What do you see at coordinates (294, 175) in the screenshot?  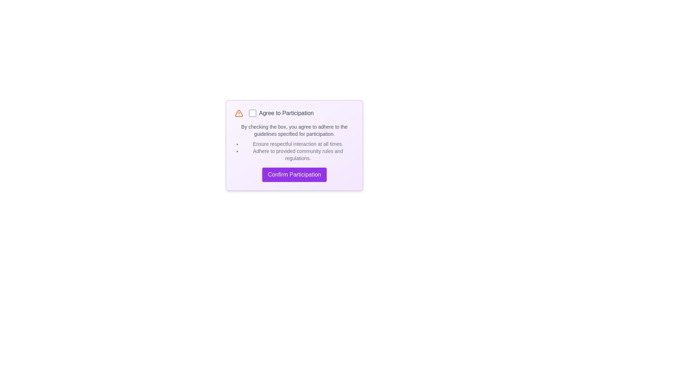 I see `the rectangular button with a purple background and white text that reads 'Confirm Participation' to confirm participation` at bounding box center [294, 175].